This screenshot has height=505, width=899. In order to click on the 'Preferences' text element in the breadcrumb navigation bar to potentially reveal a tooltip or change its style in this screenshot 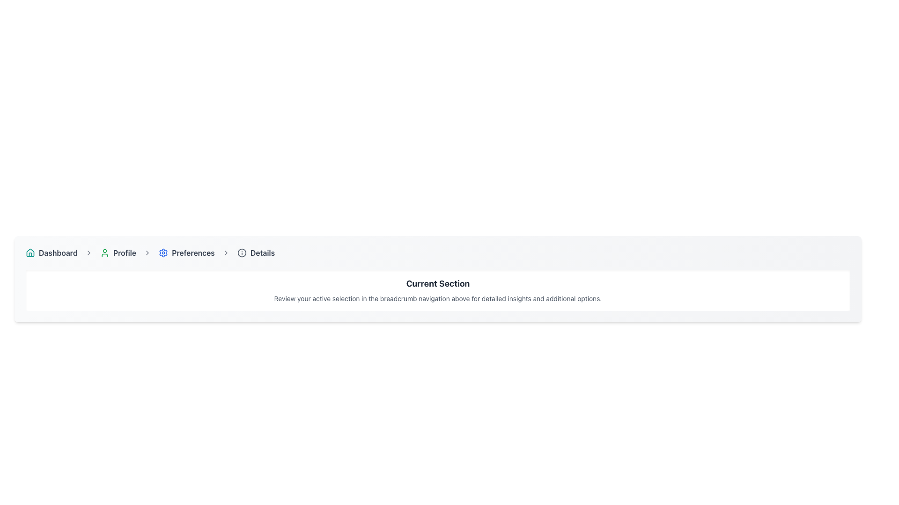, I will do `click(192, 252)`.